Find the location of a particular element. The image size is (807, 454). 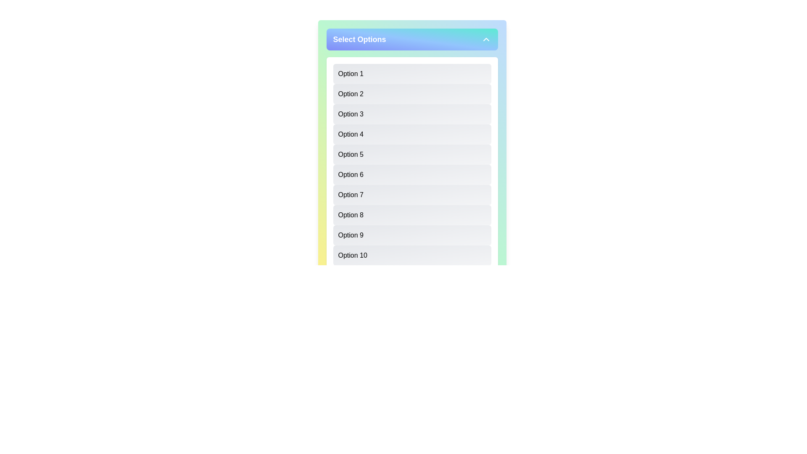

the 'Option 8' button, which is a rectangular button with a gradient background and left-aligned text is located at coordinates (412, 215).